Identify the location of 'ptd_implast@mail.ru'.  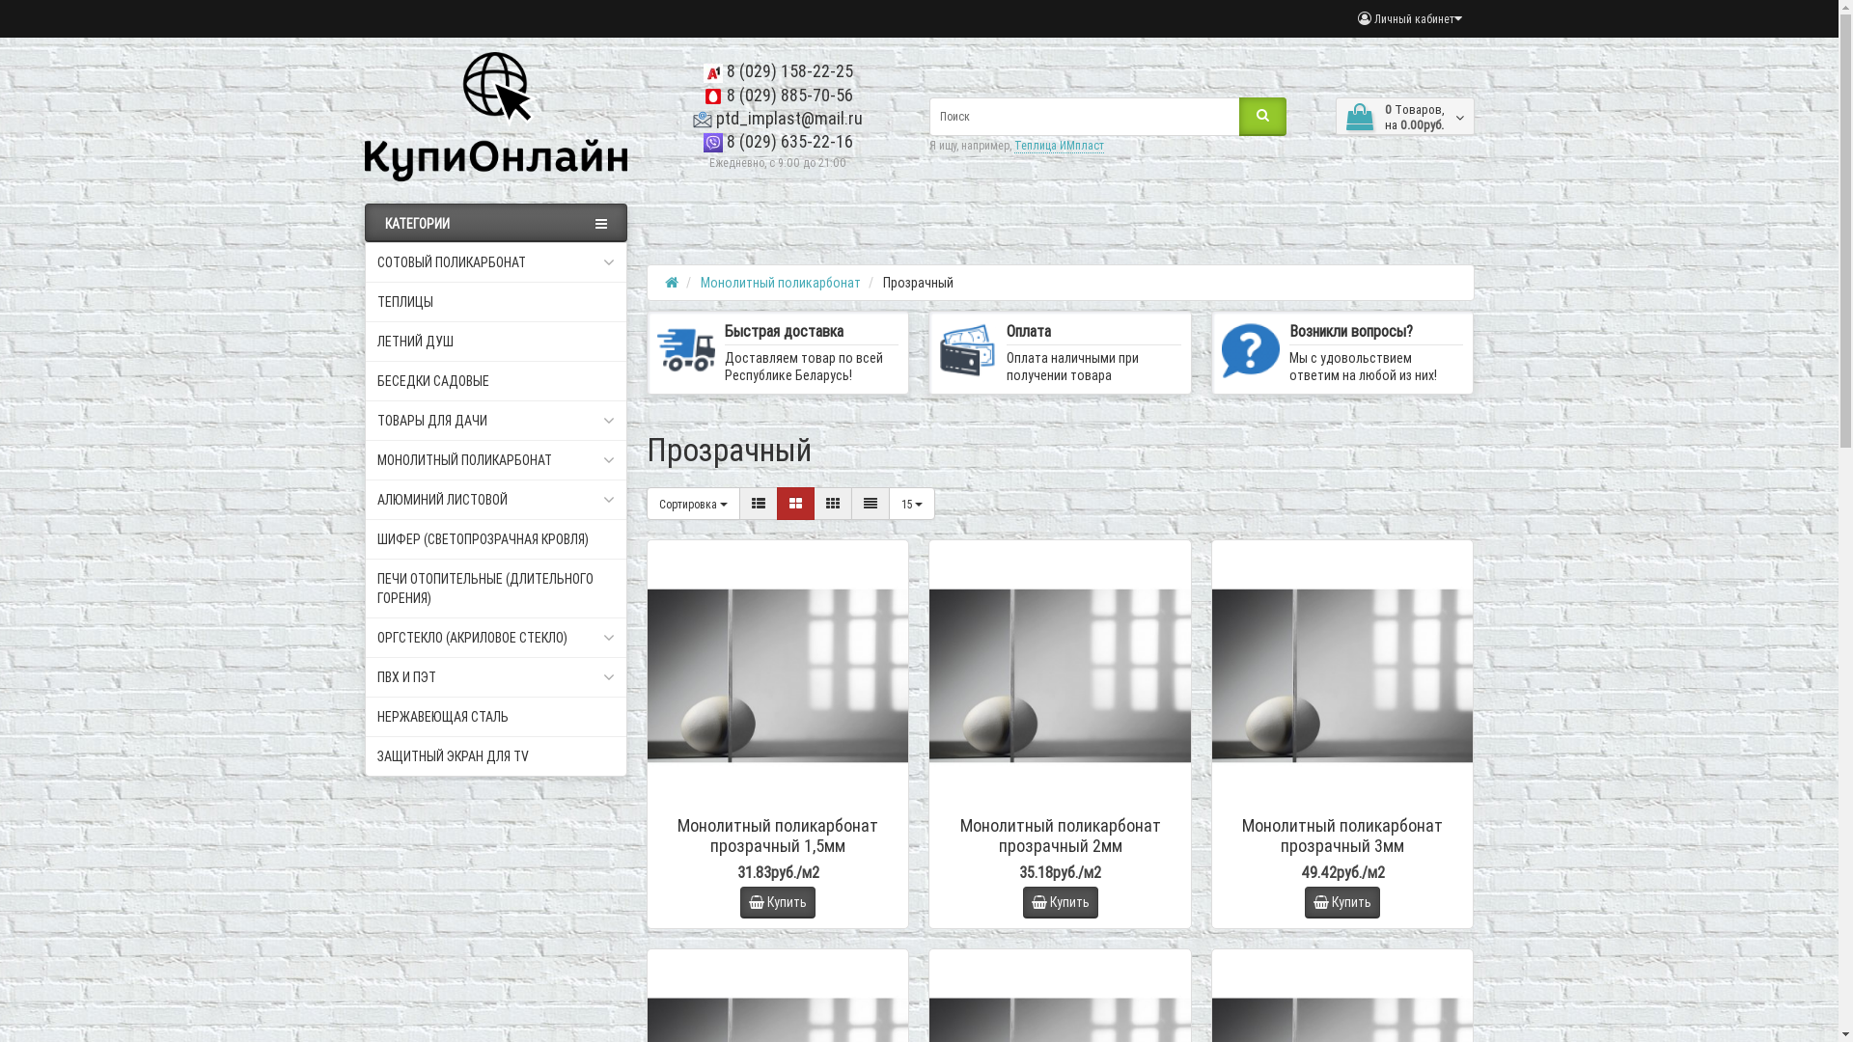
(693, 118).